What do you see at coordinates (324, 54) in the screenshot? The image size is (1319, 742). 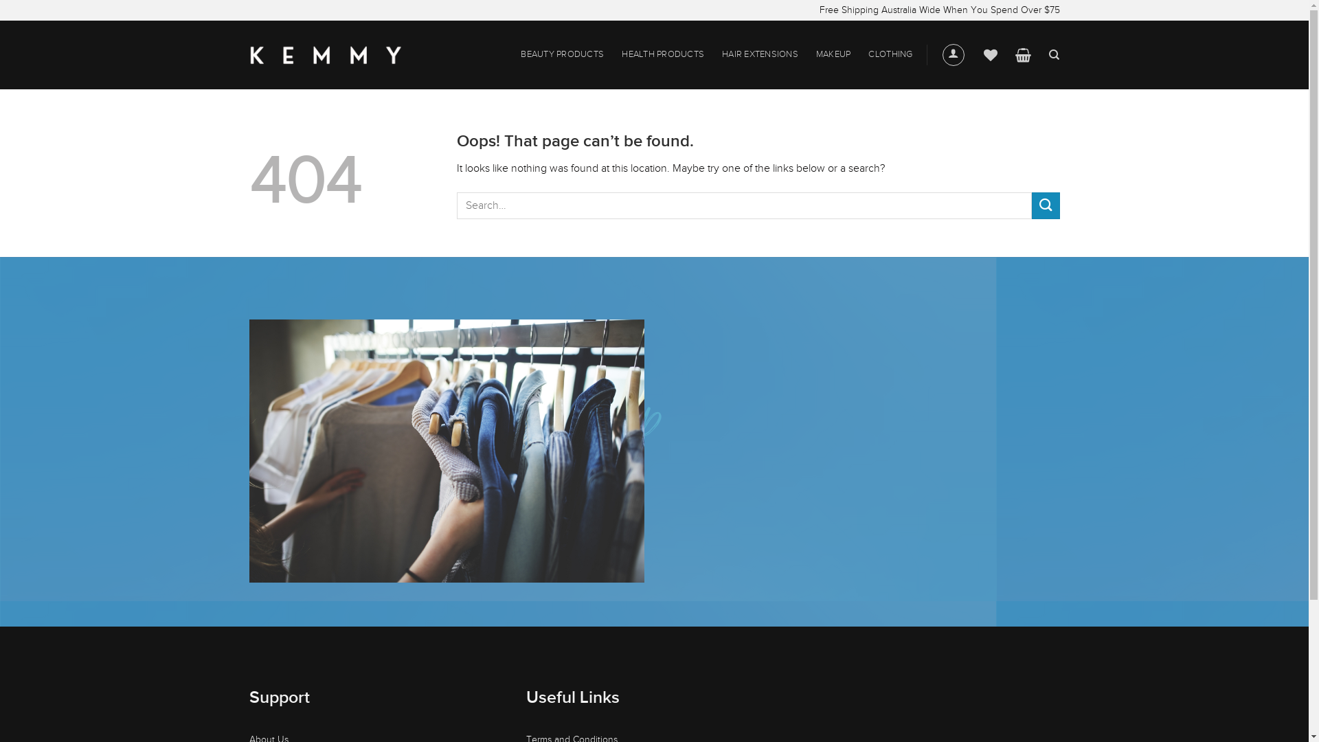 I see `'Kemmy Shop - Live Healthier, Happier Lives'` at bounding box center [324, 54].